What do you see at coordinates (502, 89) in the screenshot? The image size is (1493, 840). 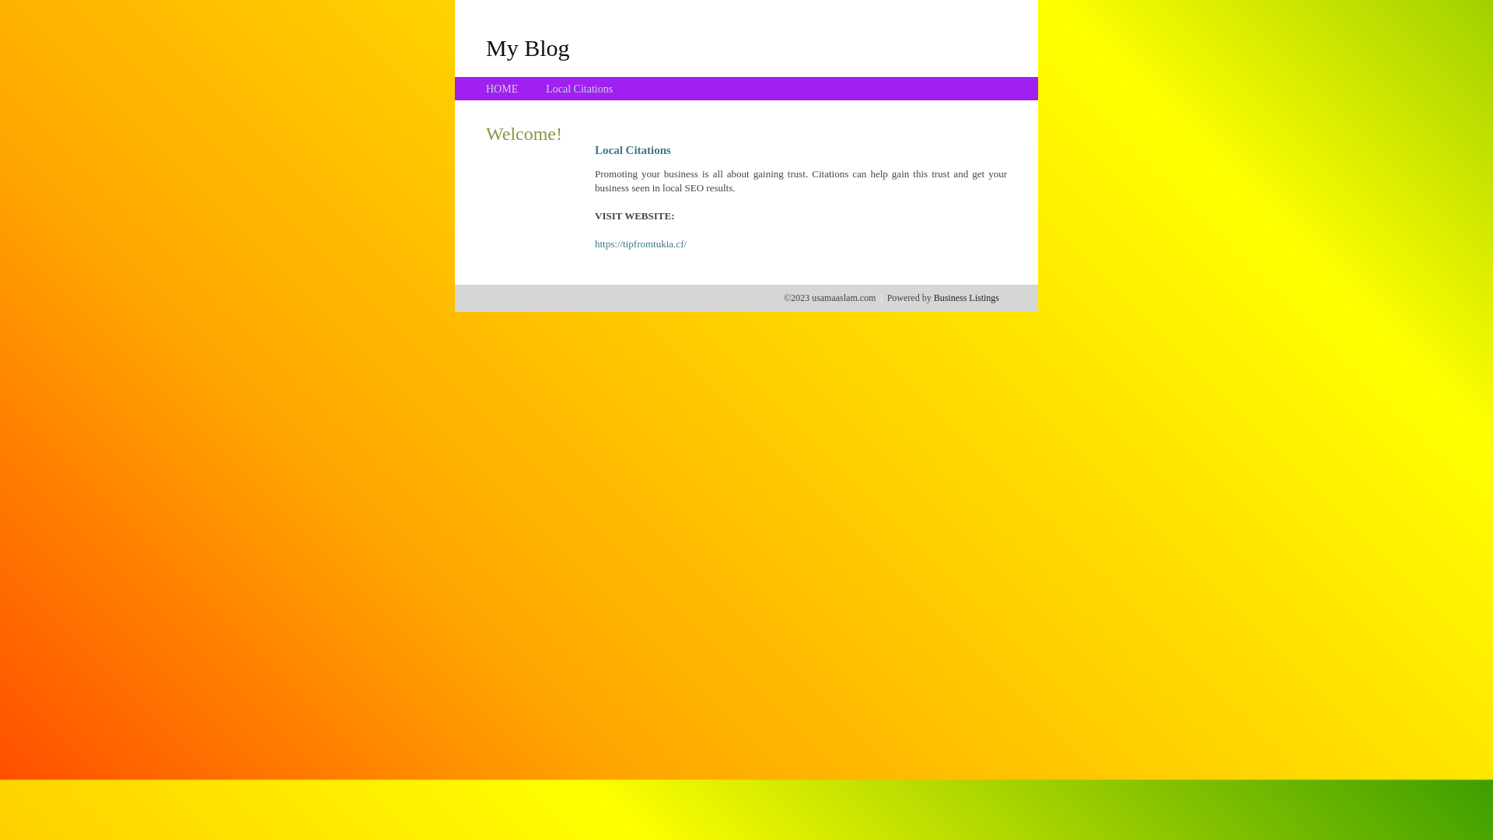 I see `'HOME'` at bounding box center [502, 89].